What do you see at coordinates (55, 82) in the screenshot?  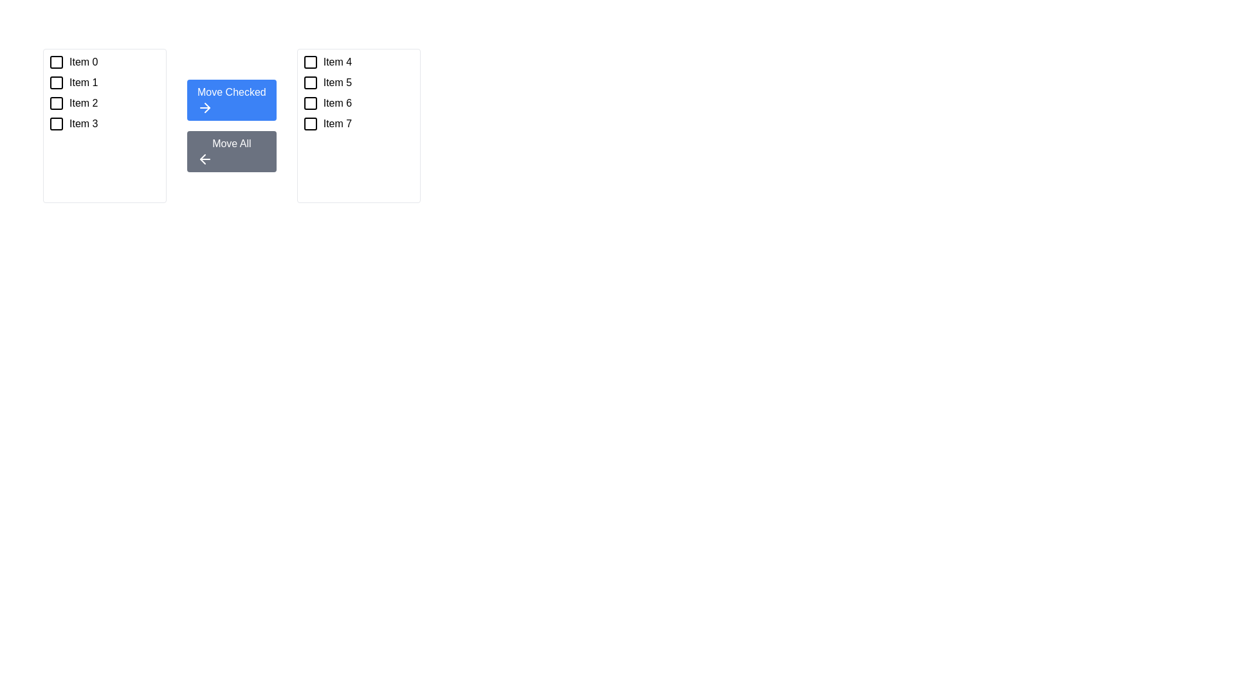 I see `the checkbox associated with 'Item 1'` at bounding box center [55, 82].